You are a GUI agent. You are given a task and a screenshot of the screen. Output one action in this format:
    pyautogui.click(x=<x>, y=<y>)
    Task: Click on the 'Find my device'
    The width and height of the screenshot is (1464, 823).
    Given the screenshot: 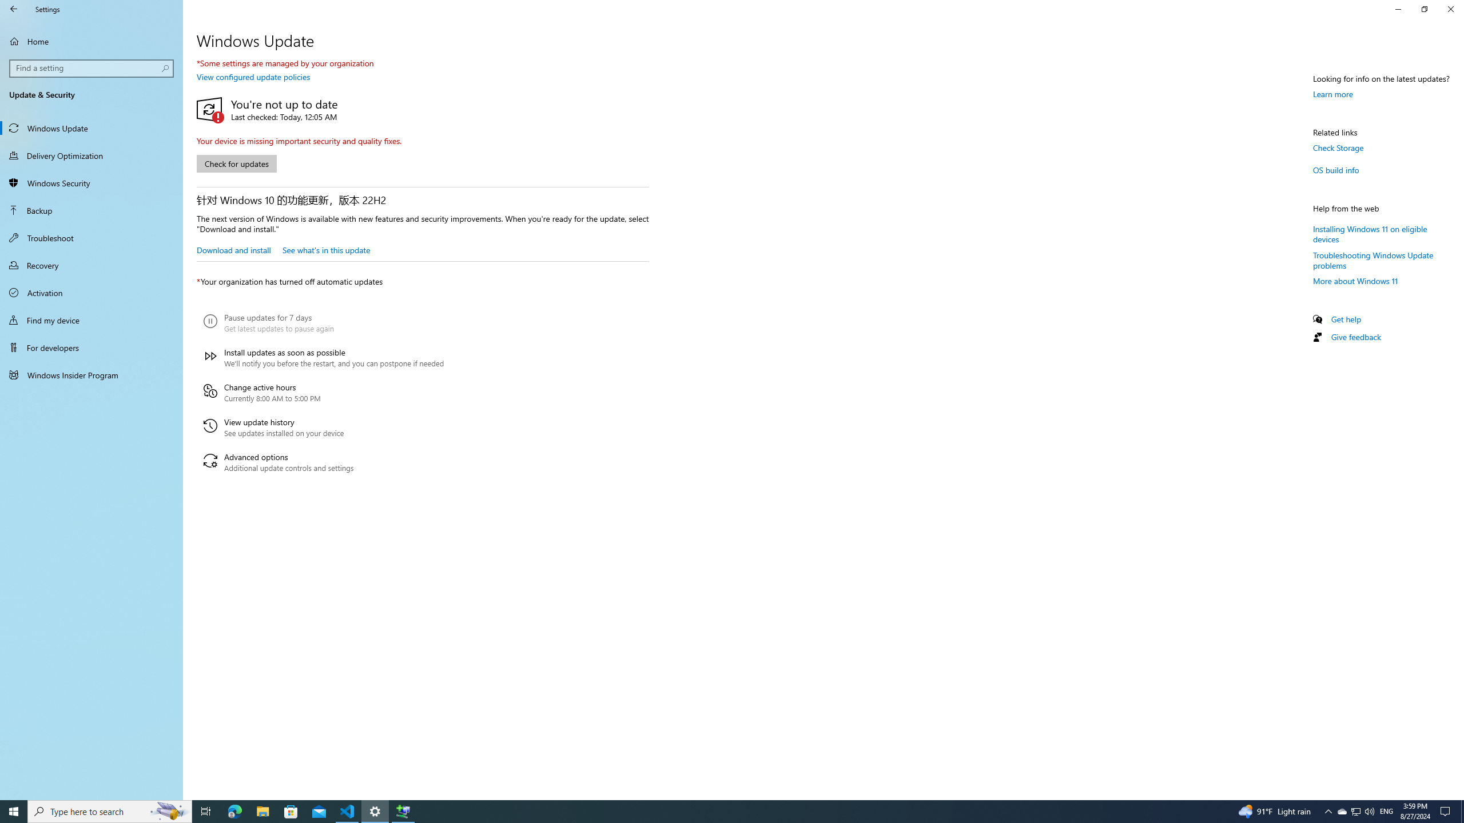 What is the action you would take?
    pyautogui.click(x=91, y=319)
    